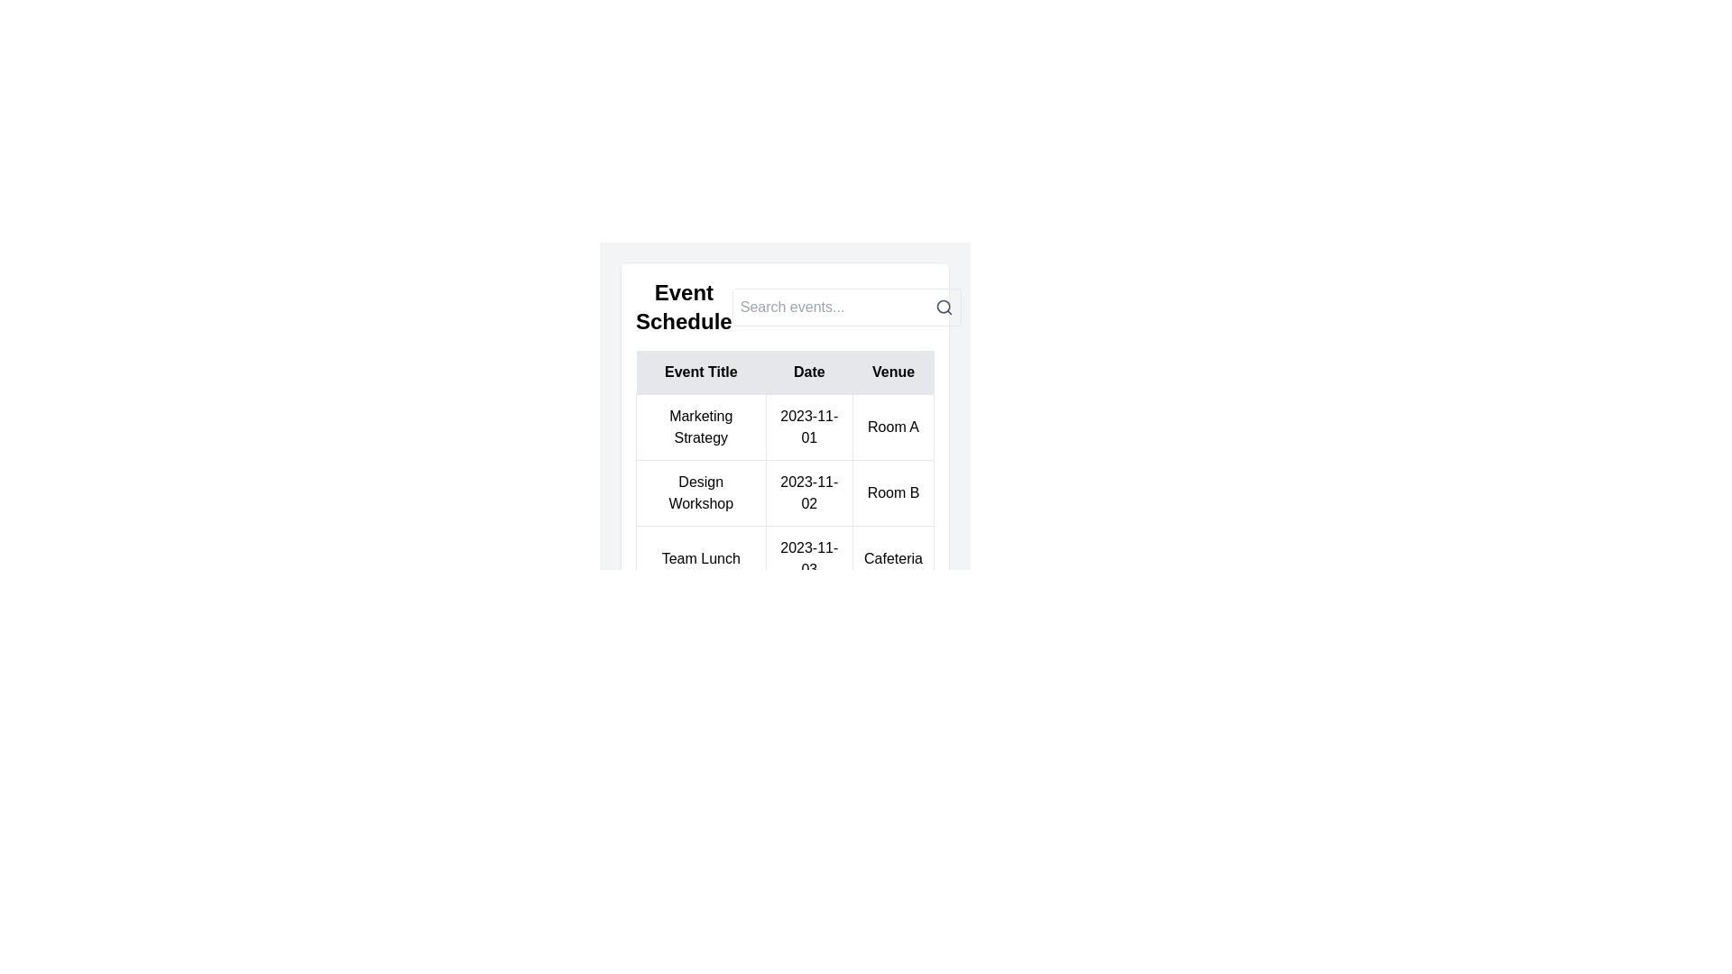  What do you see at coordinates (893, 372) in the screenshot?
I see `the 'Venue' column header, which is styled with a light gray background and bold sans-serif text, located in the header row of the table next to 'Event Title' and 'Date'` at bounding box center [893, 372].